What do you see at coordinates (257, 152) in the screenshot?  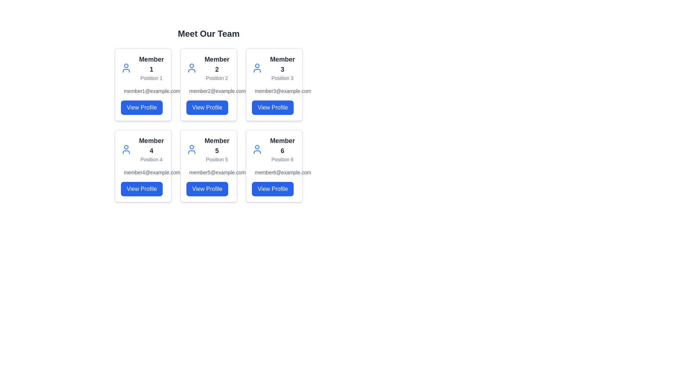 I see `the vector graphic representing the user profile icon located in the lower portion of the 'Member 6' card` at bounding box center [257, 152].